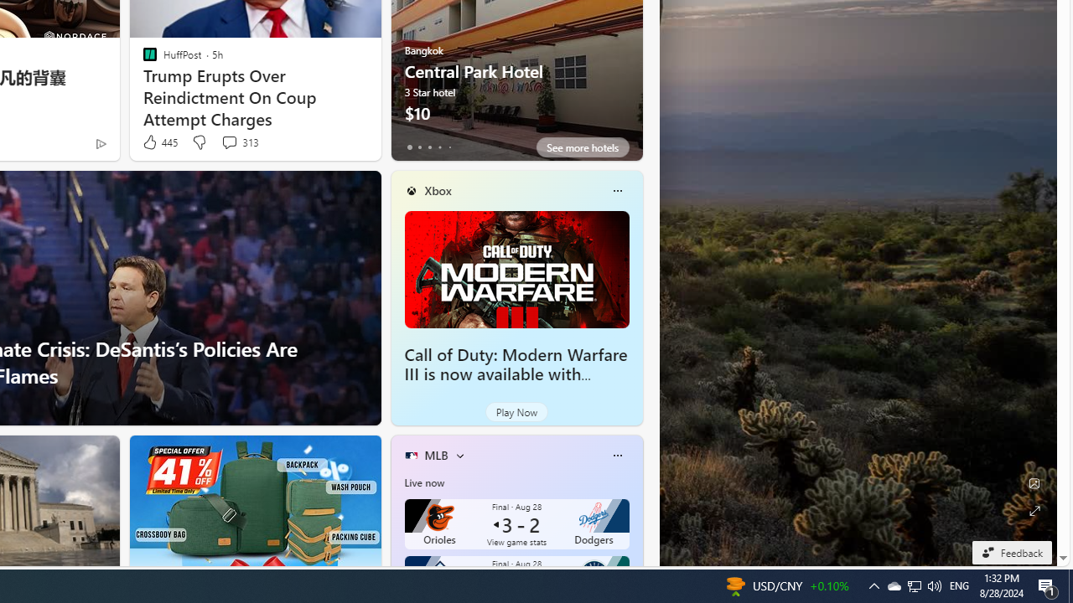 This screenshot has width=1073, height=603. What do you see at coordinates (228, 141) in the screenshot?
I see `'View comments 313 Comment'` at bounding box center [228, 141].